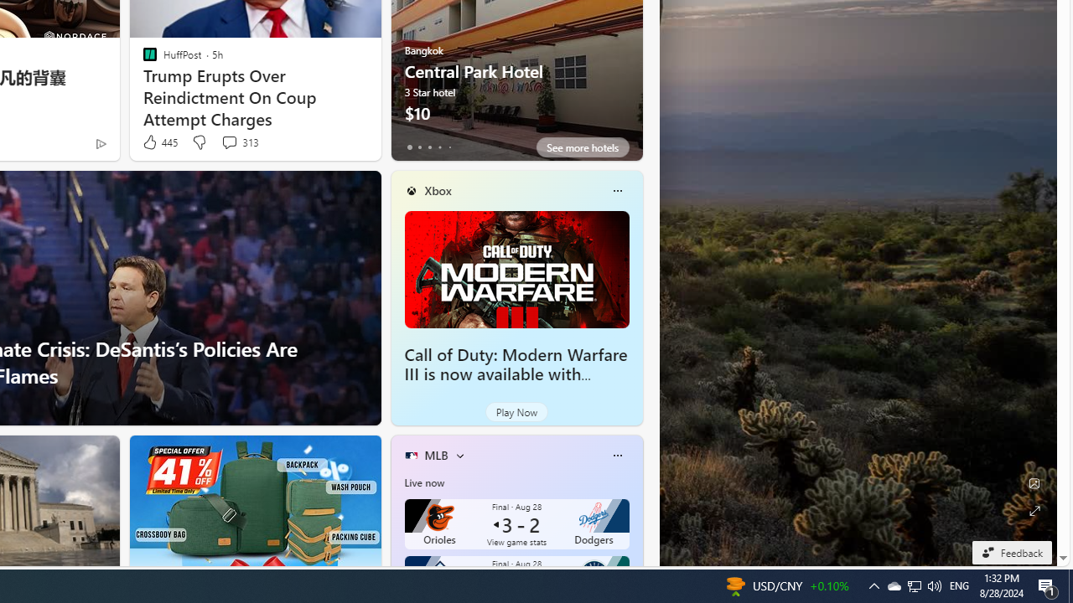 This screenshot has width=1073, height=603. What do you see at coordinates (228, 141) in the screenshot?
I see `'View comments 313 Comment'` at bounding box center [228, 141].